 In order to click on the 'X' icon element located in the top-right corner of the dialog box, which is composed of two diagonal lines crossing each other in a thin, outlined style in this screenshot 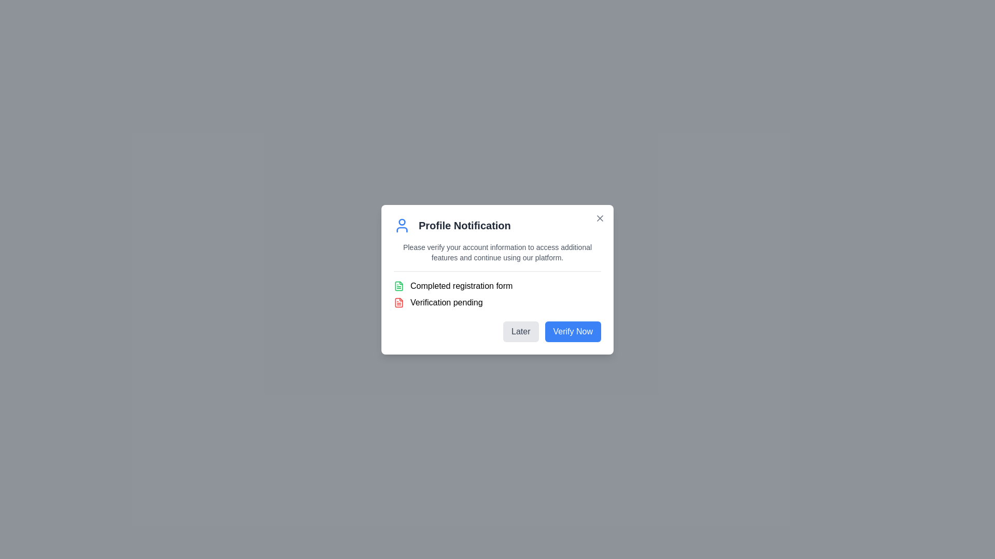, I will do `click(600, 217)`.